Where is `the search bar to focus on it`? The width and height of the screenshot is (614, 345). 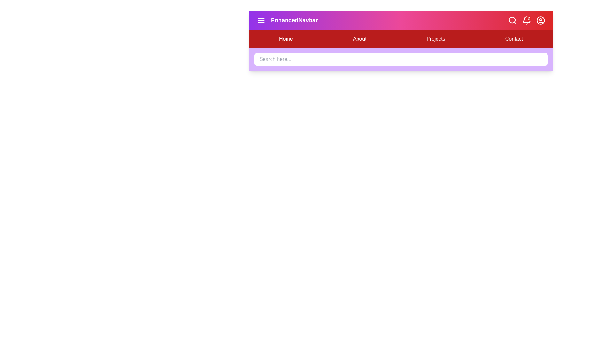
the search bar to focus on it is located at coordinates (400, 59).